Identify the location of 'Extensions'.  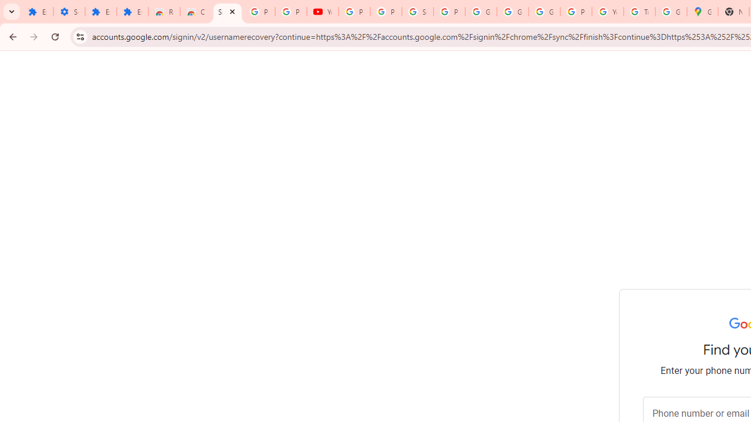
(132, 12).